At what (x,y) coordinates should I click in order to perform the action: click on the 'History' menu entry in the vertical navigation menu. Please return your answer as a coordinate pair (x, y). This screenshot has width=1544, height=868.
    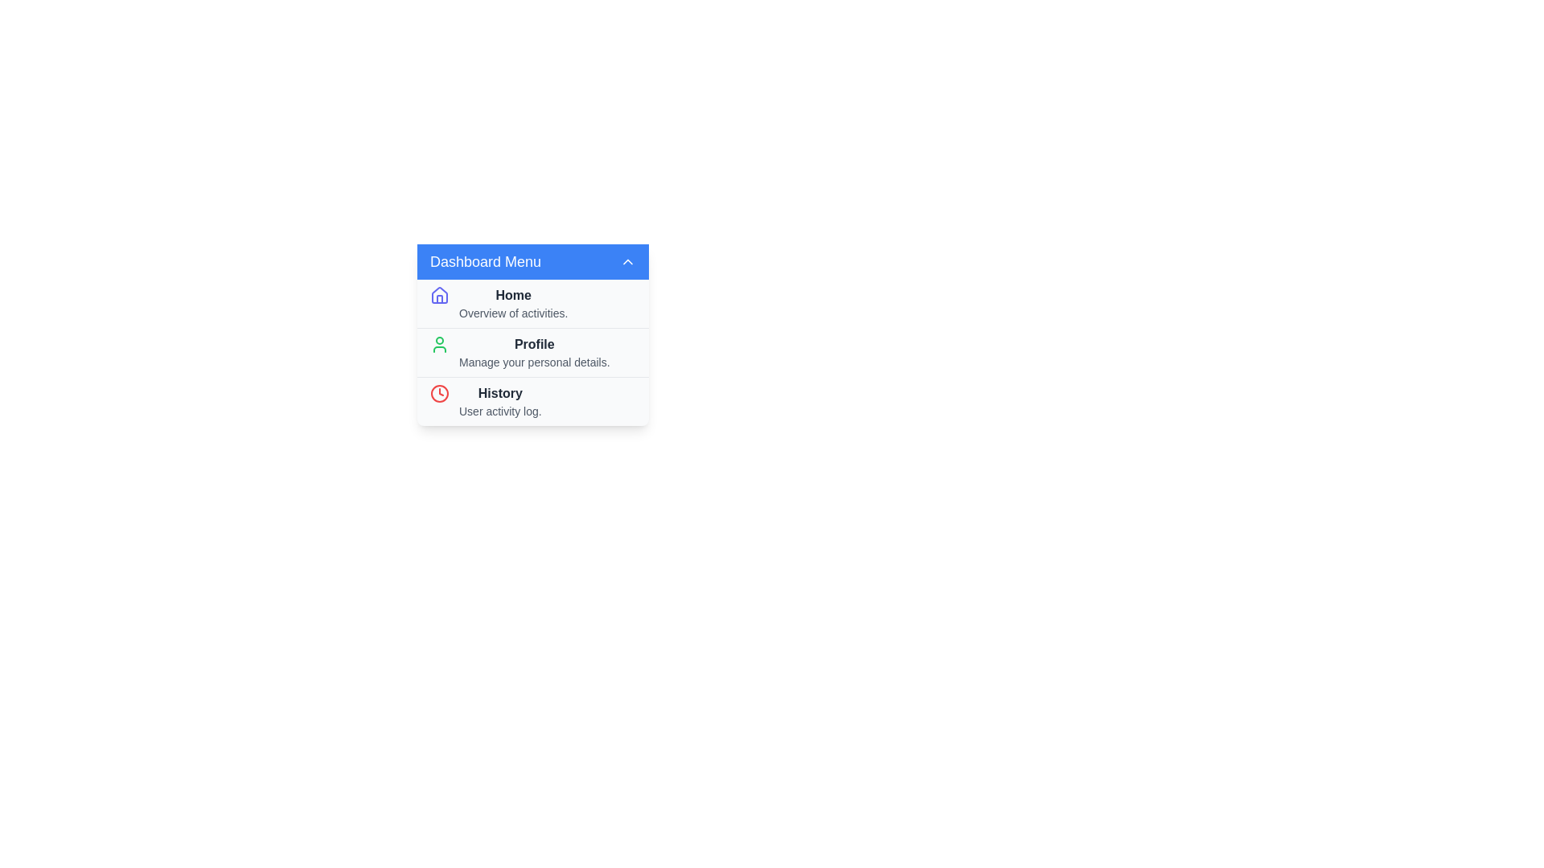
    Looking at the image, I should click on (499, 401).